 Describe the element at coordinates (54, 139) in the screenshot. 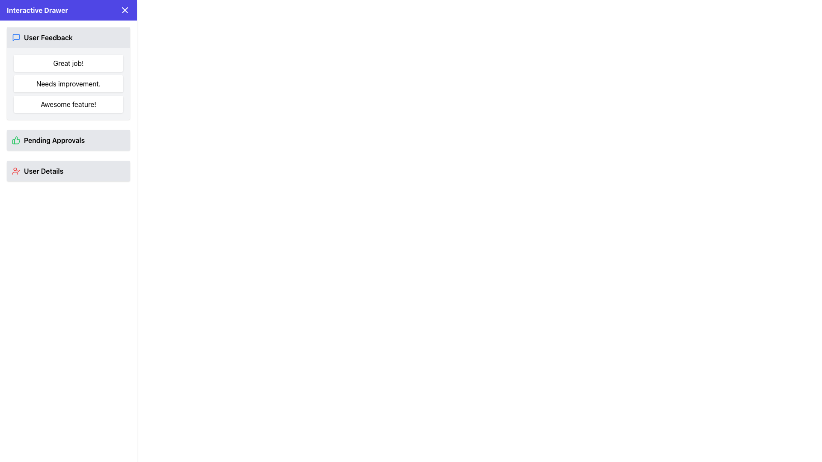

I see `the static text label 'Pending Approvals' located in the sidebar menu, which is styled in bold and has a thumbs-up icon to its left` at that location.